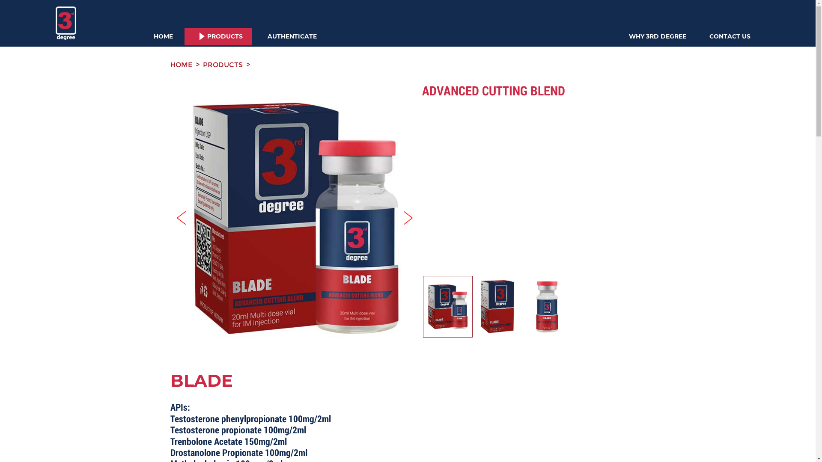 The width and height of the screenshot is (822, 462). What do you see at coordinates (657, 36) in the screenshot?
I see `'WHY 3RD DEGREE'` at bounding box center [657, 36].